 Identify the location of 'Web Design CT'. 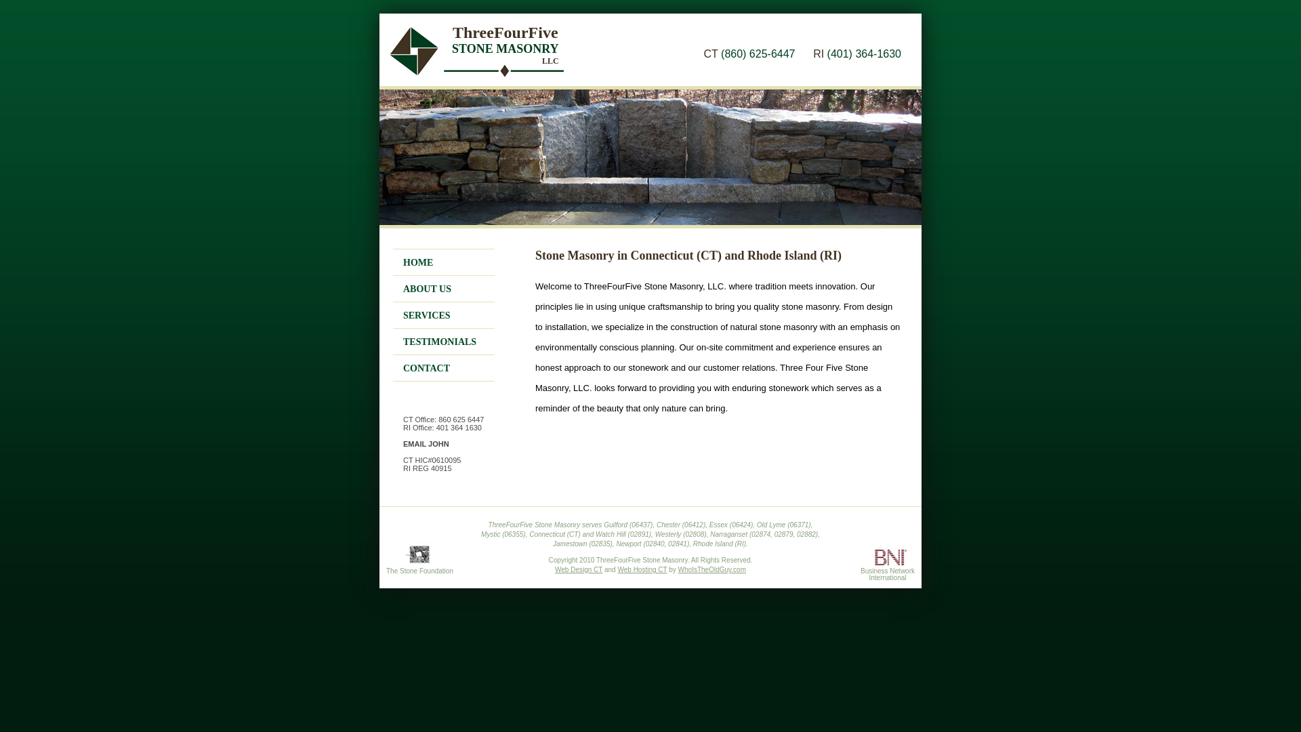
(555, 569).